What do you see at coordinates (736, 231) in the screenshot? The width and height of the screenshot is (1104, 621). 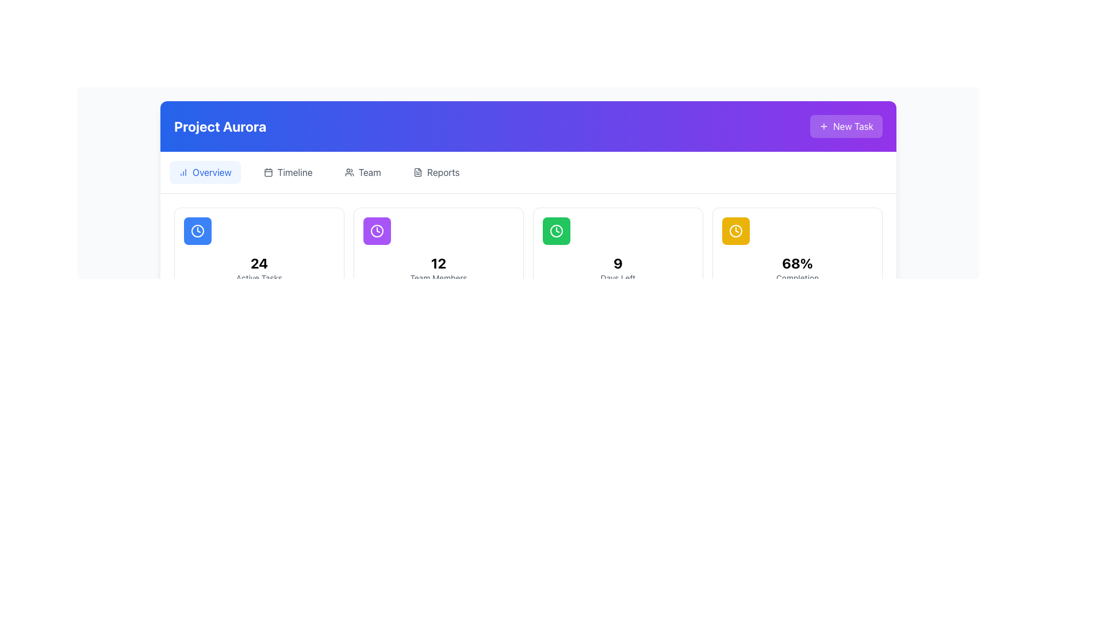 I see `the yellow circular SVG graphical element that is part of the clock face icon displaying '68% Completion' located in the top-right section of the performance metrics grid` at bounding box center [736, 231].